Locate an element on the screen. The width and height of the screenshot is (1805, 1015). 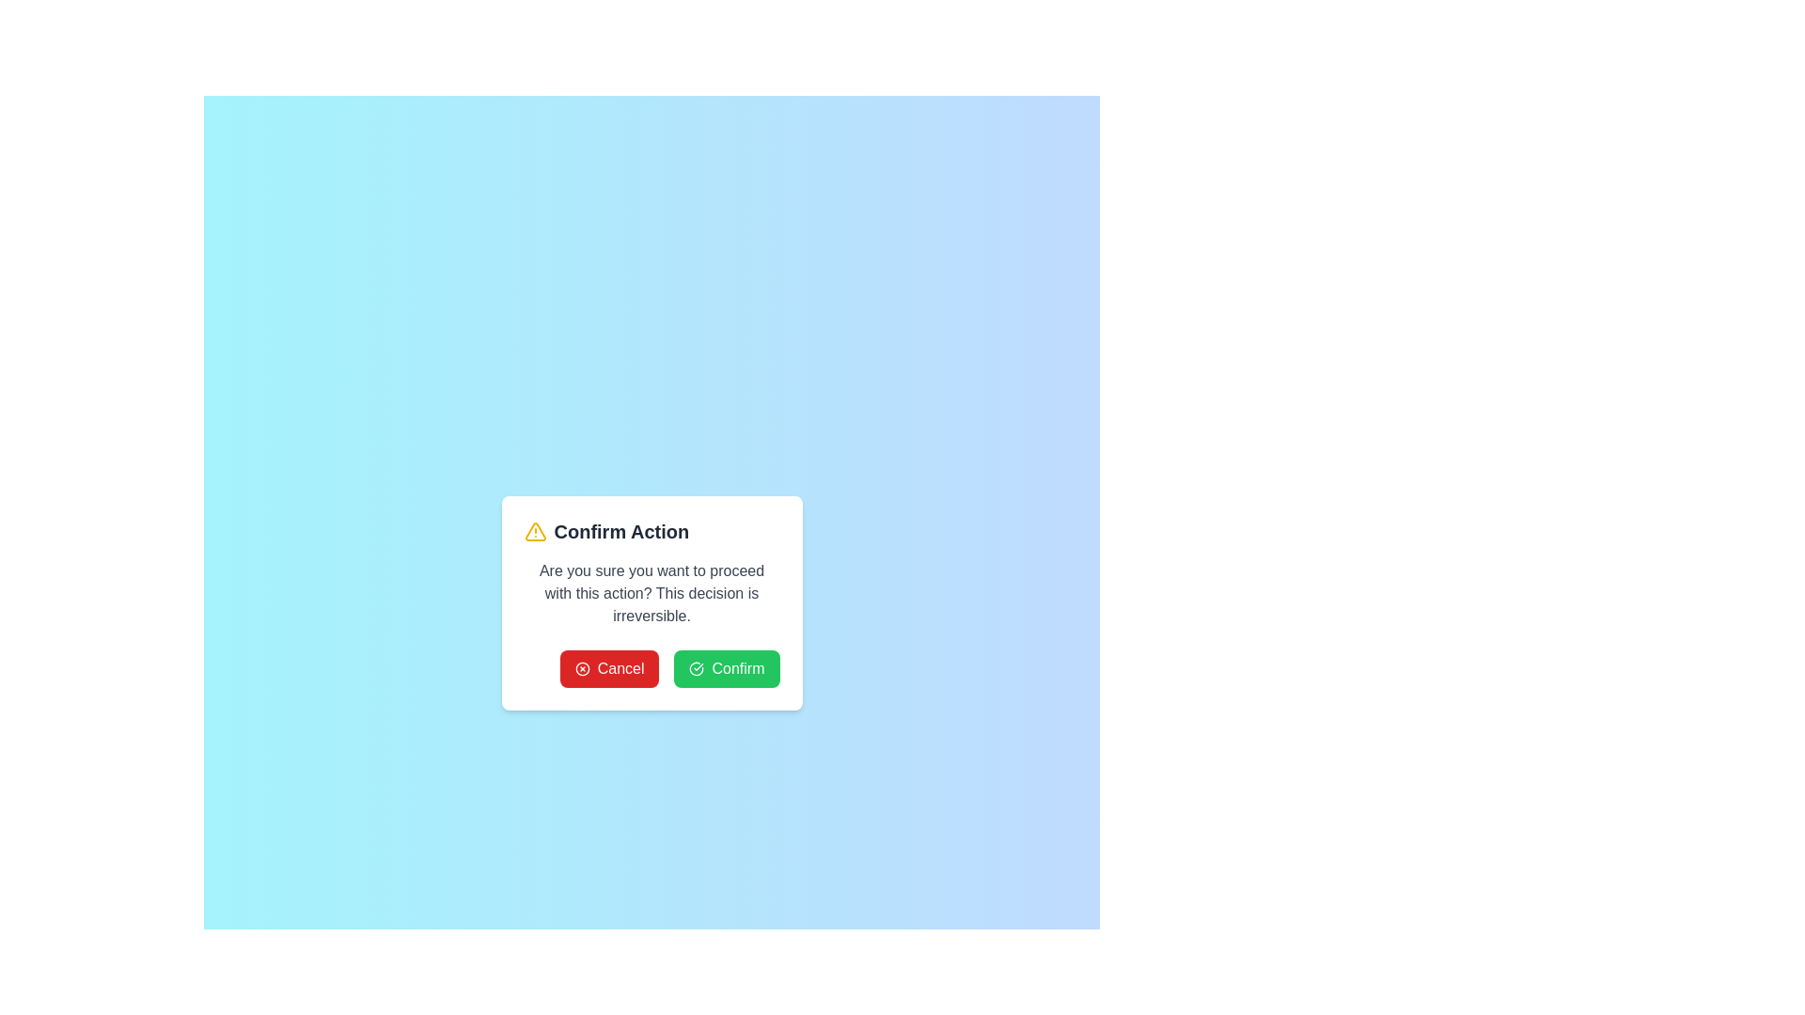
the green circular checkmark icon in the 'Confirm' button of the confirmation dialog box is located at coordinates (696, 668).